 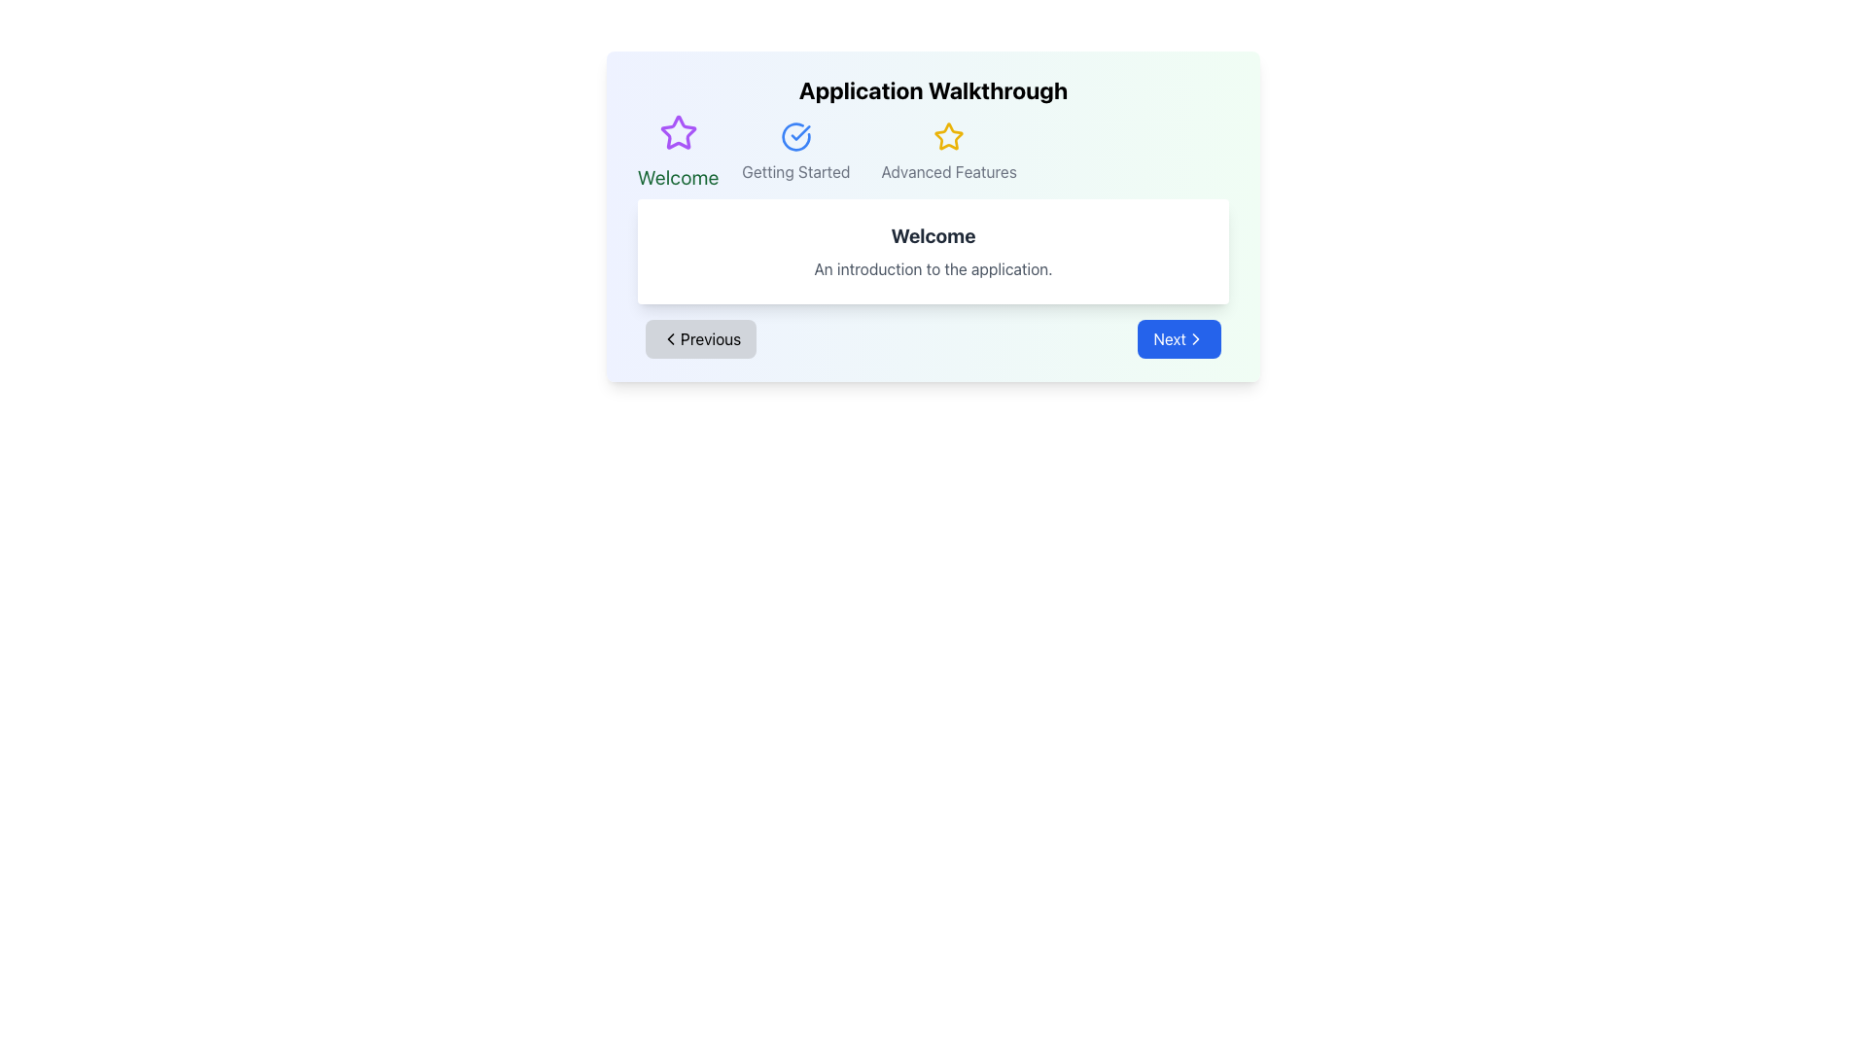 What do you see at coordinates (933, 235) in the screenshot?
I see `title text that welcomes the user, located within a rounded card-like section, positioned above the introductory text` at bounding box center [933, 235].